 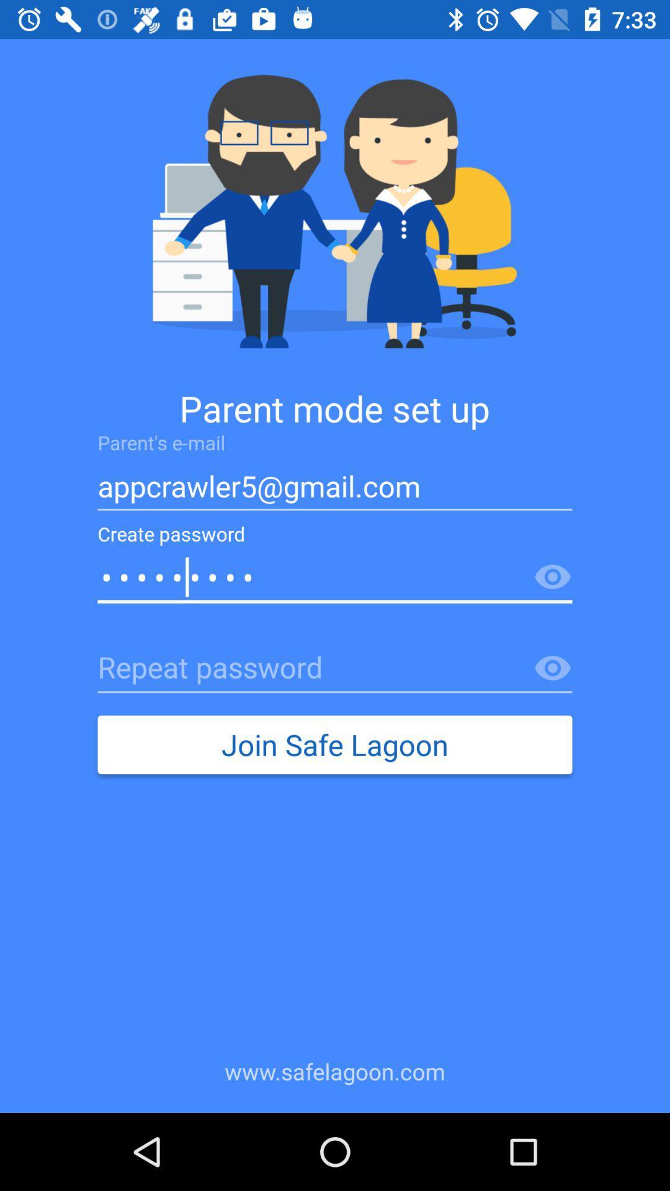 I want to click on the visibility icon, so click(x=552, y=668).